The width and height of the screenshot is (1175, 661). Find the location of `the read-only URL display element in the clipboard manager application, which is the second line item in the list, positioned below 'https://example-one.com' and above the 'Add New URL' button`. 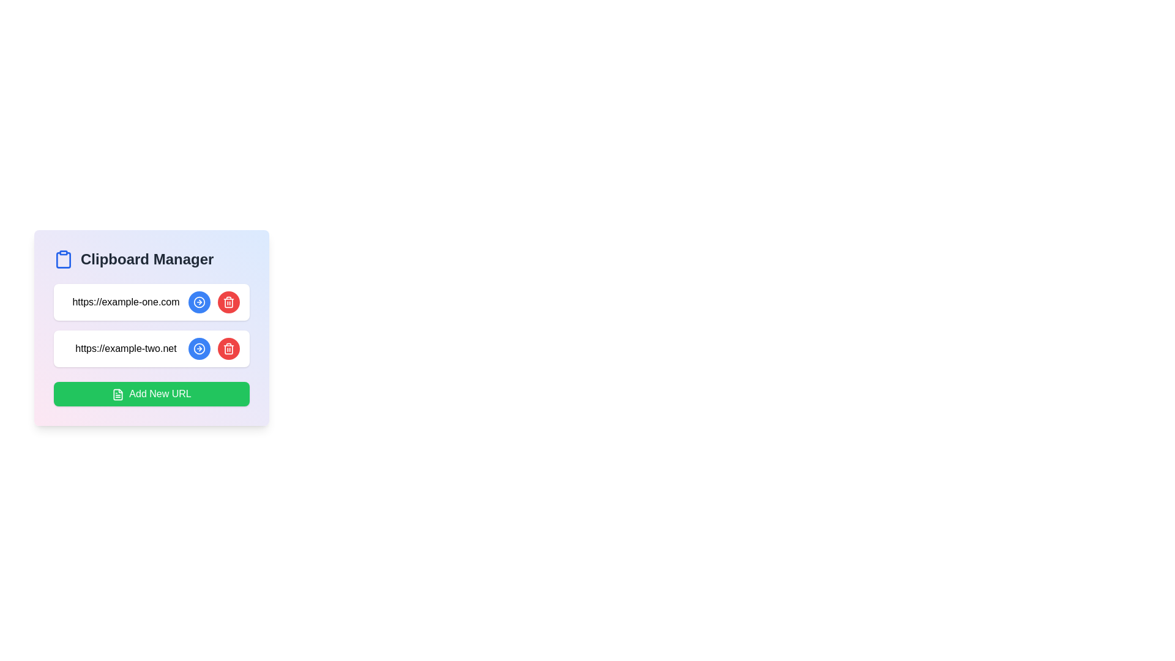

the read-only URL display element in the clipboard manager application, which is the second line item in the list, positioned below 'https://example-one.com' and above the 'Add New URL' button is located at coordinates (126, 349).